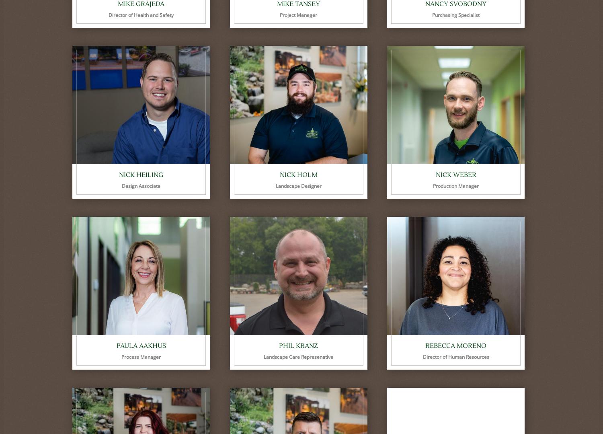 The height and width of the screenshot is (434, 603). I want to click on 'Director of Human Resources', so click(455, 356).